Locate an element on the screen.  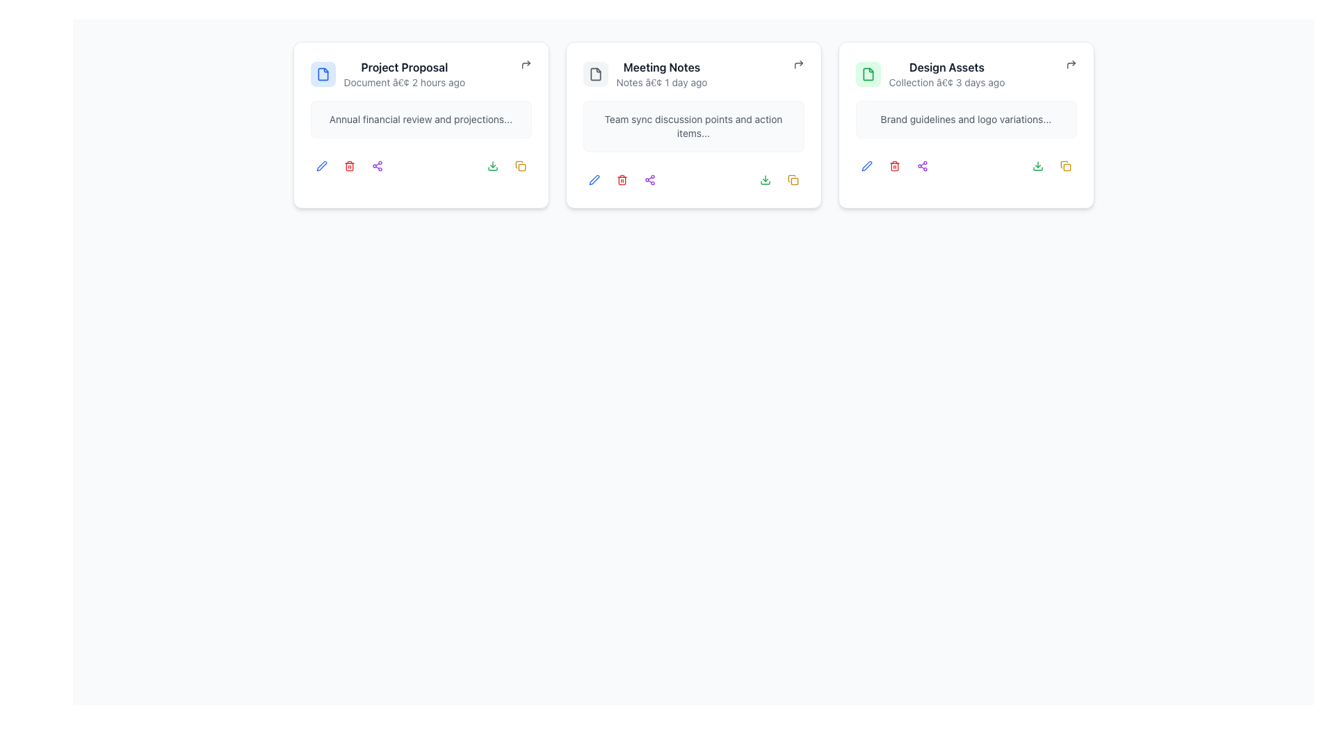
the document icon located to the left of the text 'Design Assets' within the card layout is located at coordinates (867, 74).